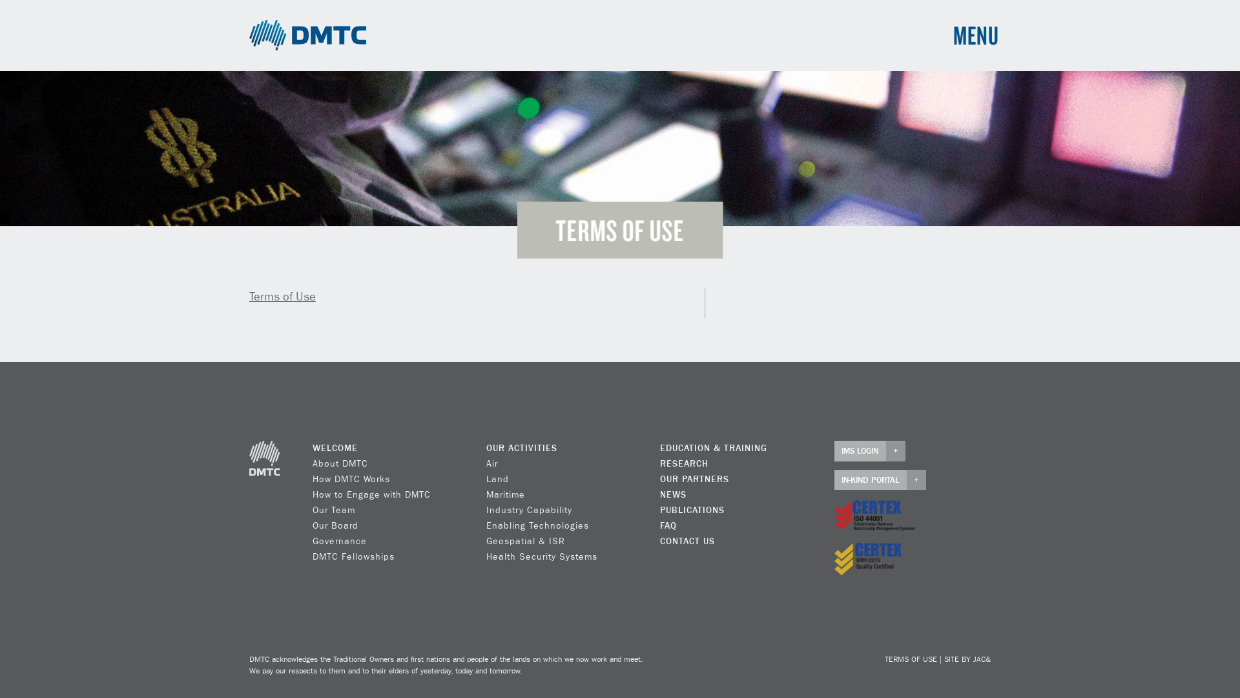 The width and height of the screenshot is (1240, 698). I want to click on 'FAQ', so click(668, 525).